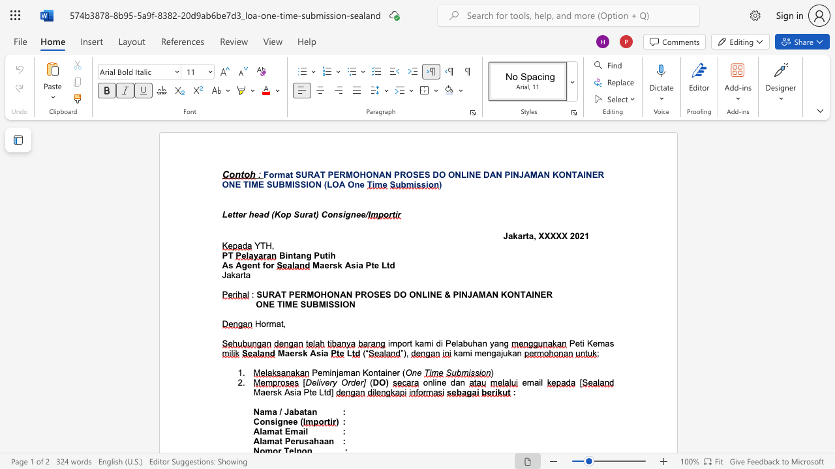  What do you see at coordinates (294, 353) in the screenshot?
I see `the subset text "rsk" within the text "Maersk Asia"` at bounding box center [294, 353].